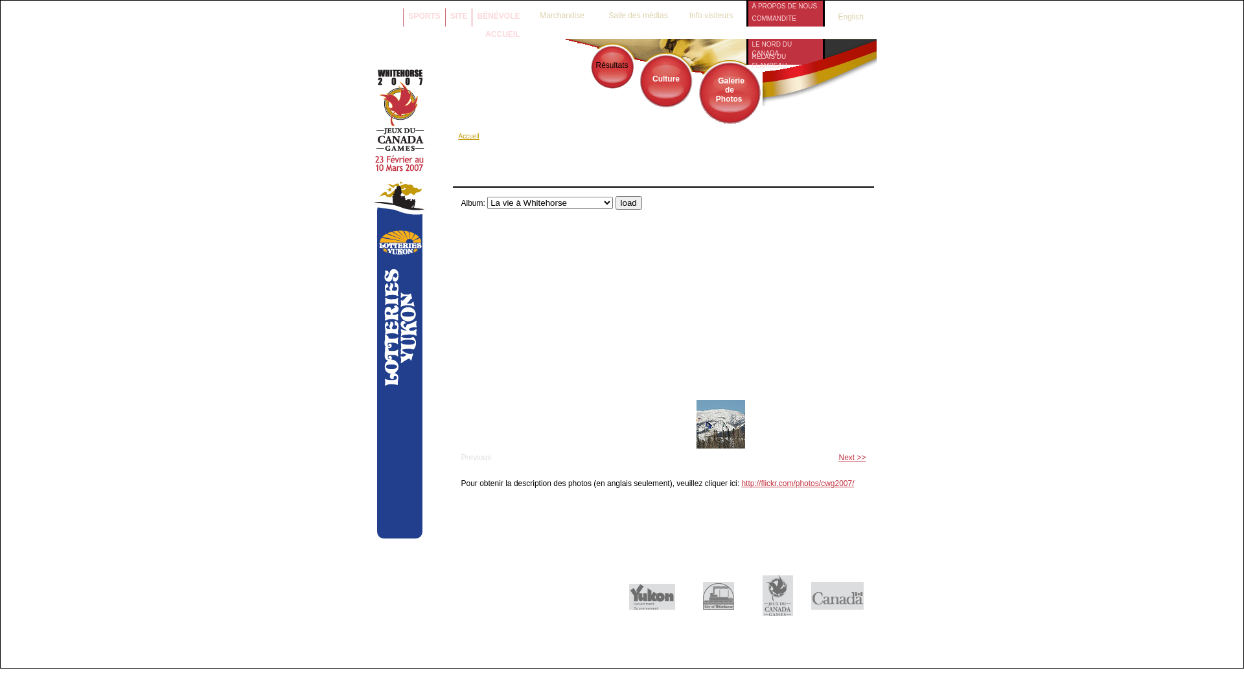 The width and height of the screenshot is (1244, 699). I want to click on 'SPORTS', so click(424, 14).